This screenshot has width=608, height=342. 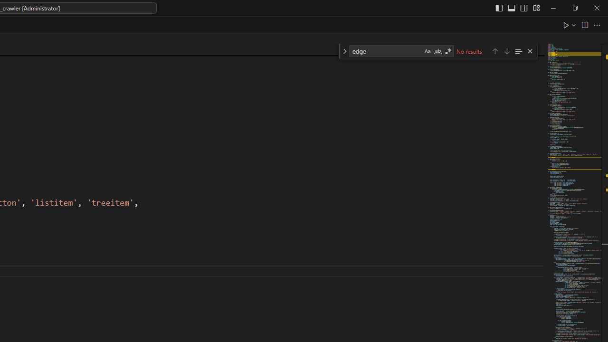 What do you see at coordinates (494, 51) in the screenshot?
I see `'Previous Match (Shift+Enter)'` at bounding box center [494, 51].